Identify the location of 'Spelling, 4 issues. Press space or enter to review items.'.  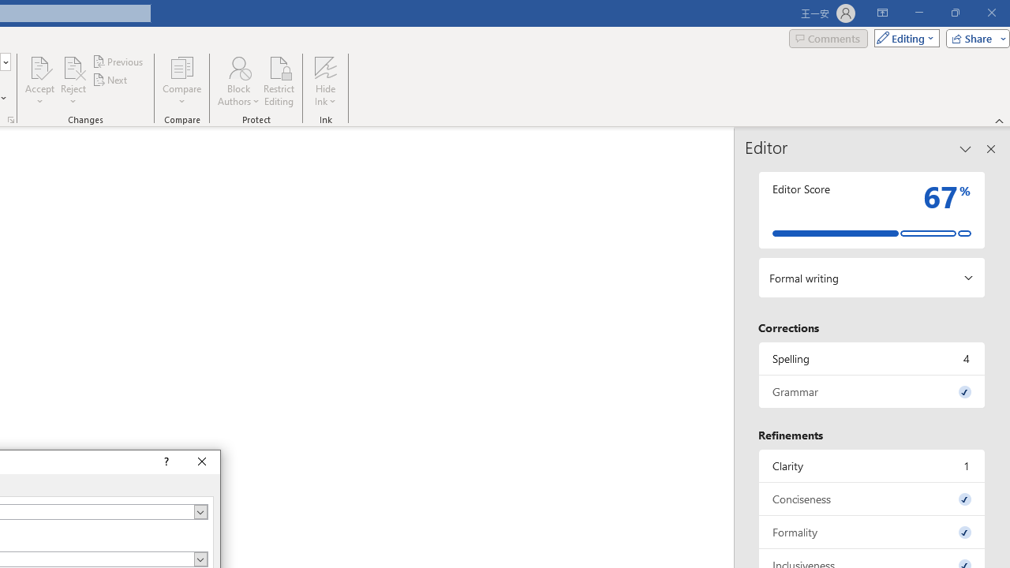
(871, 358).